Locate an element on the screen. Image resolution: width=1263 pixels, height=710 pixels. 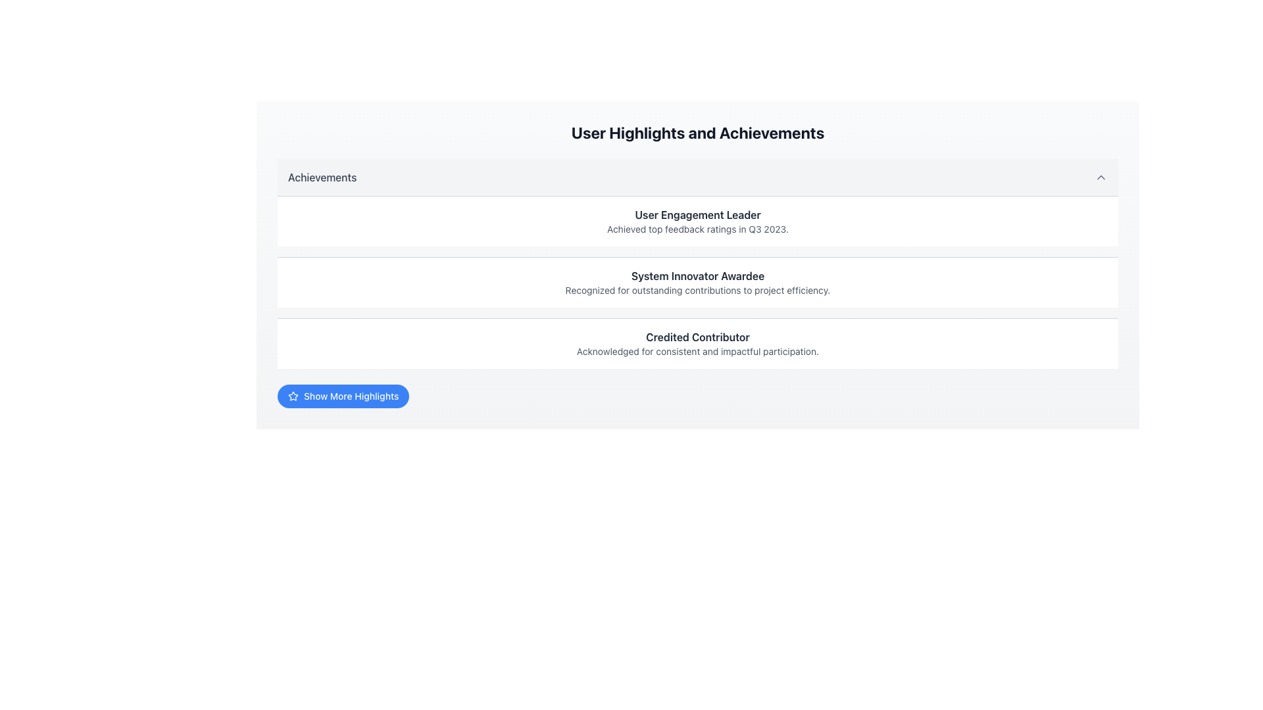
the chevron-up icon located in the far-right section of the 'Achievements' header is located at coordinates (1101, 177).